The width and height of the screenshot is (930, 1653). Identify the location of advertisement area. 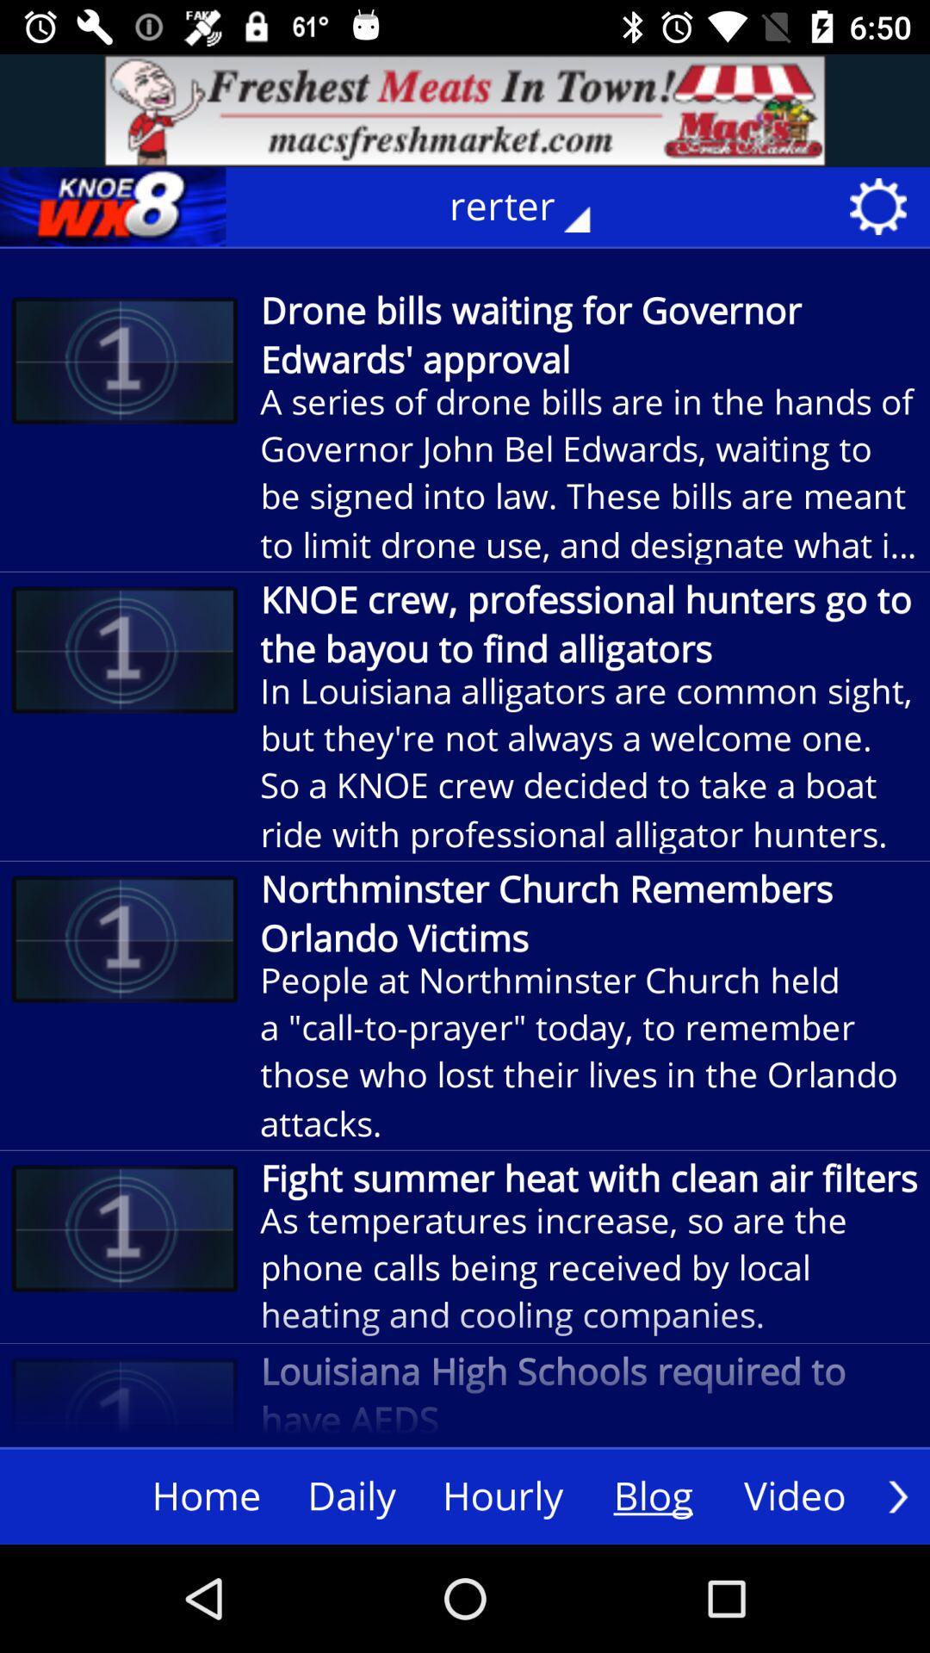
(465, 109).